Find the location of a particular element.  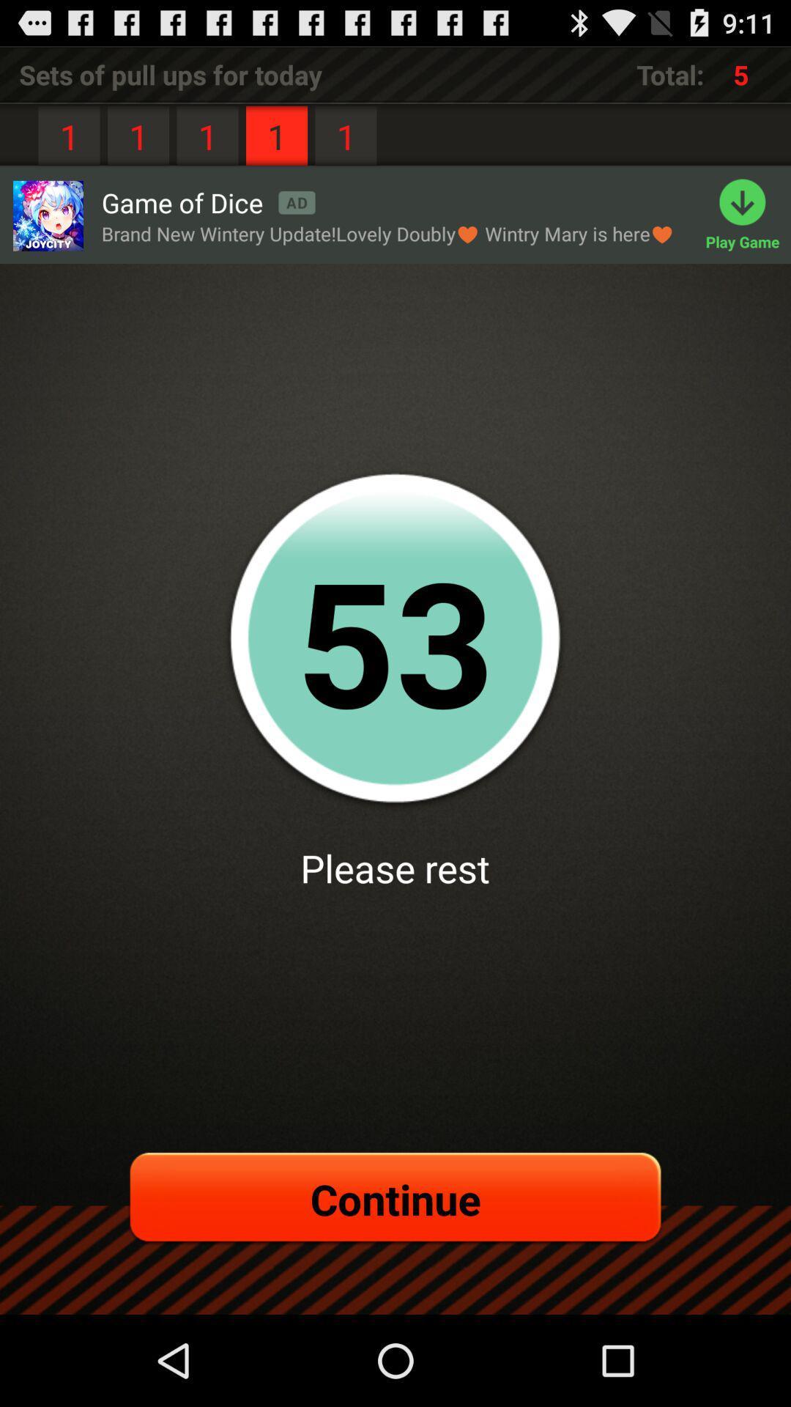

item above the 52 is located at coordinates (387, 233).